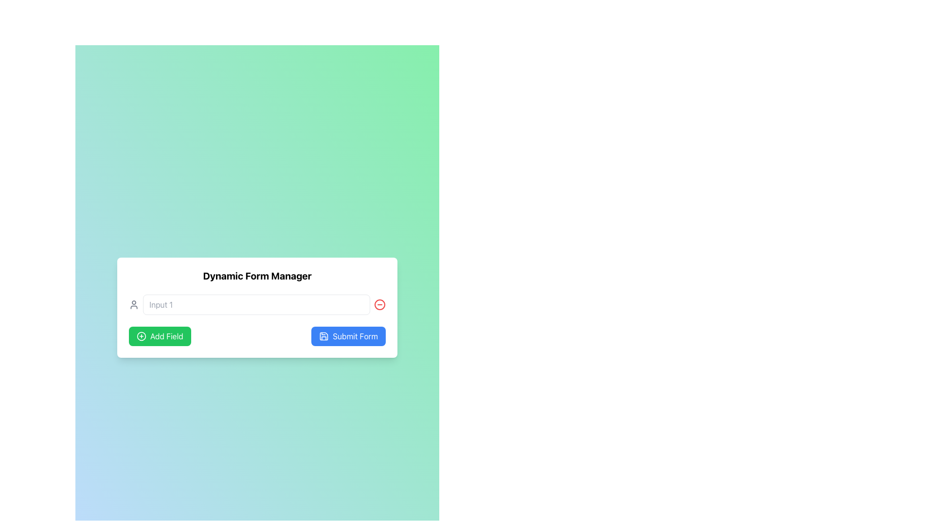 The width and height of the screenshot is (934, 525). Describe the element at coordinates (141, 335) in the screenshot. I see `the decorative SVG Circle located at the center of the green 'Add Field' button` at that location.